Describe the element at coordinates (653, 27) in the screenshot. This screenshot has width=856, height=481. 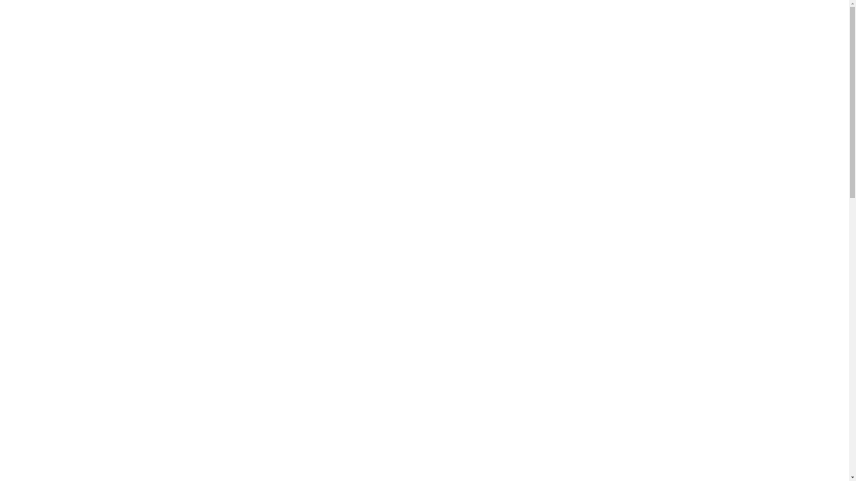
I see `'CONTACT'` at that location.